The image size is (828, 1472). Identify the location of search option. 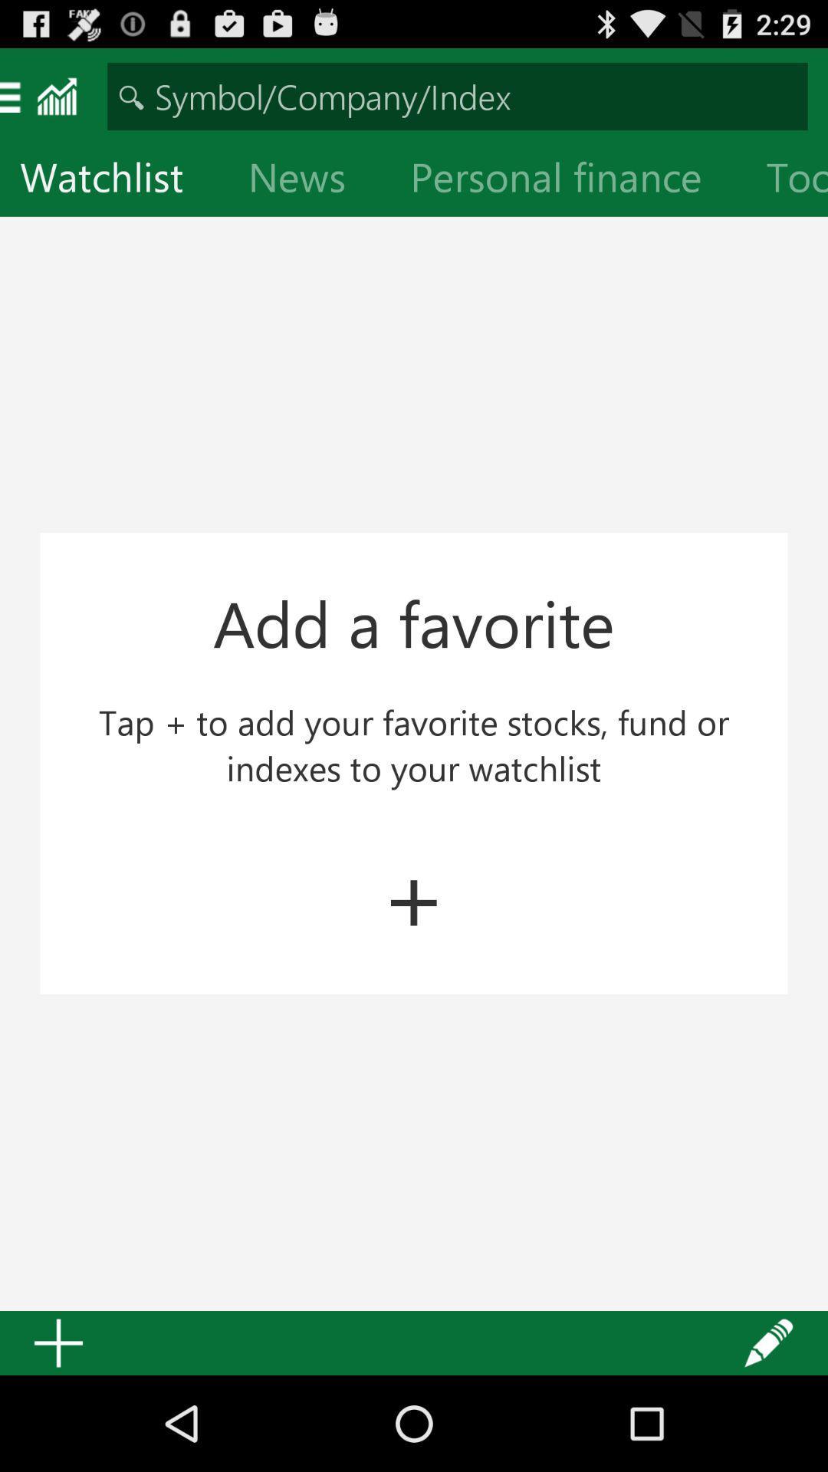
(457, 95).